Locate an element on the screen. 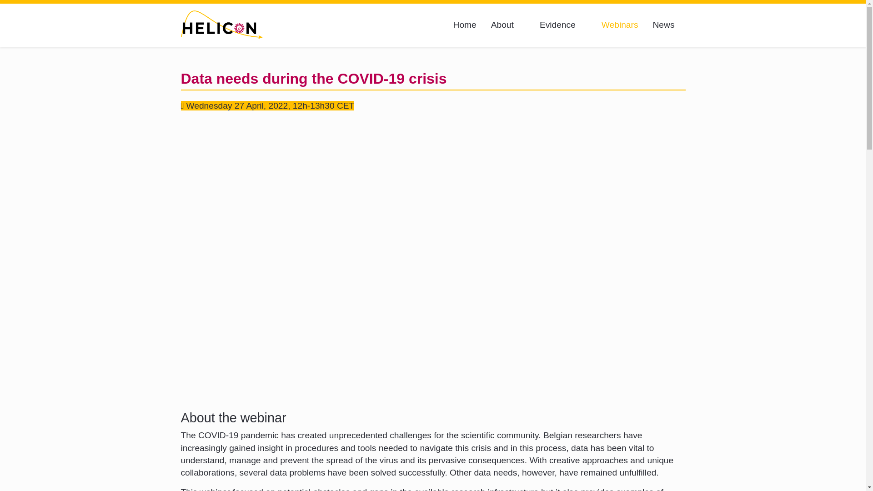 The width and height of the screenshot is (873, 491). 'Webinars' is located at coordinates (619, 25).